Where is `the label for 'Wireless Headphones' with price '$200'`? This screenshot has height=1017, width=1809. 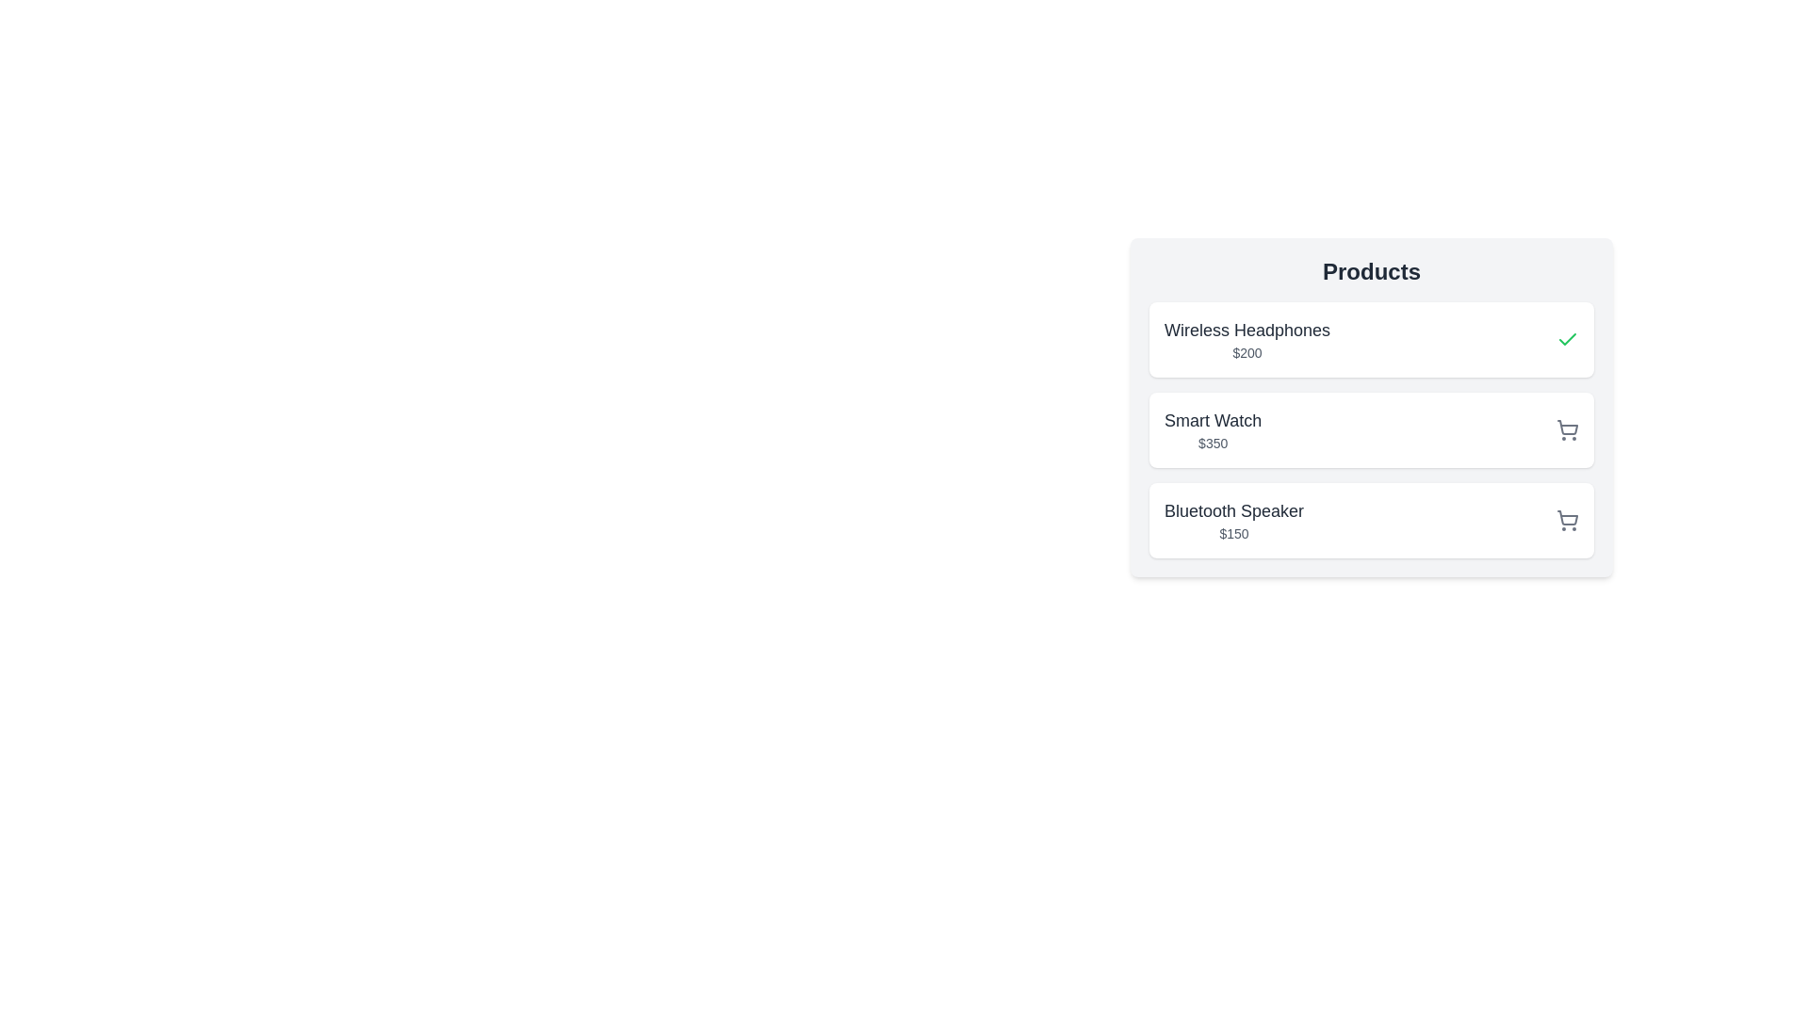
the label for 'Wireless Headphones' with price '$200' is located at coordinates (1247, 340).